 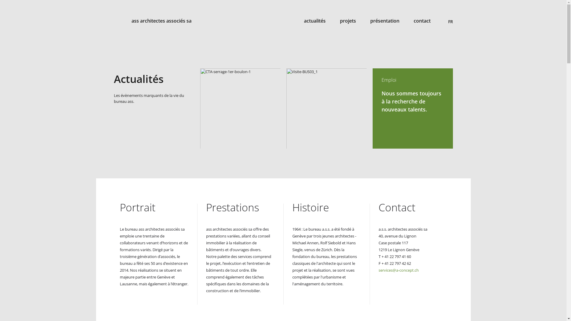 What do you see at coordinates (206, 207) in the screenshot?
I see `'Prestations'` at bounding box center [206, 207].